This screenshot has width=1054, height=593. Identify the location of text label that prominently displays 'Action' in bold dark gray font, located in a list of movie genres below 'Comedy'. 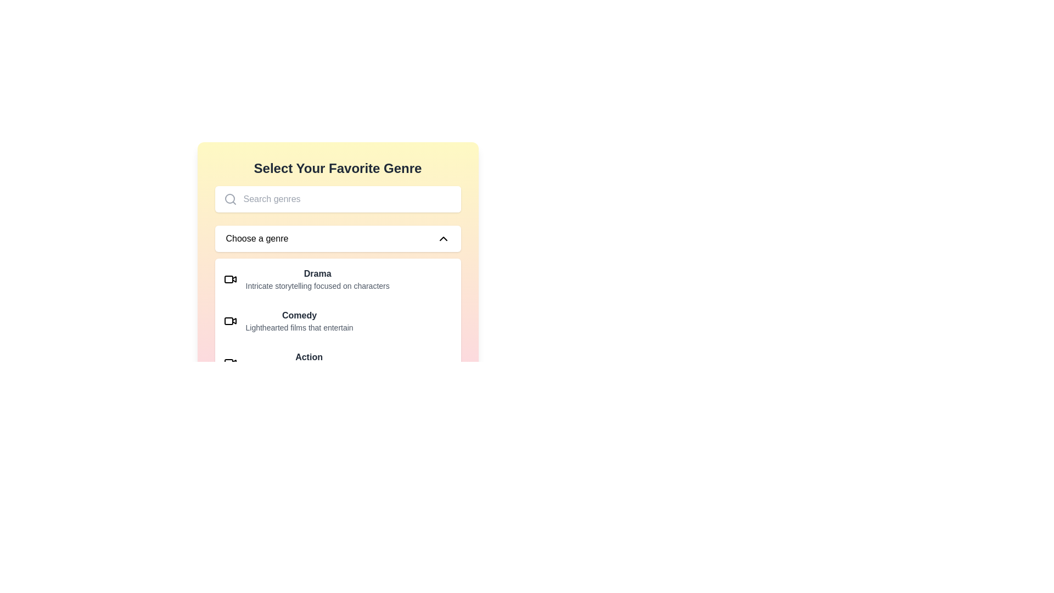
(309, 357).